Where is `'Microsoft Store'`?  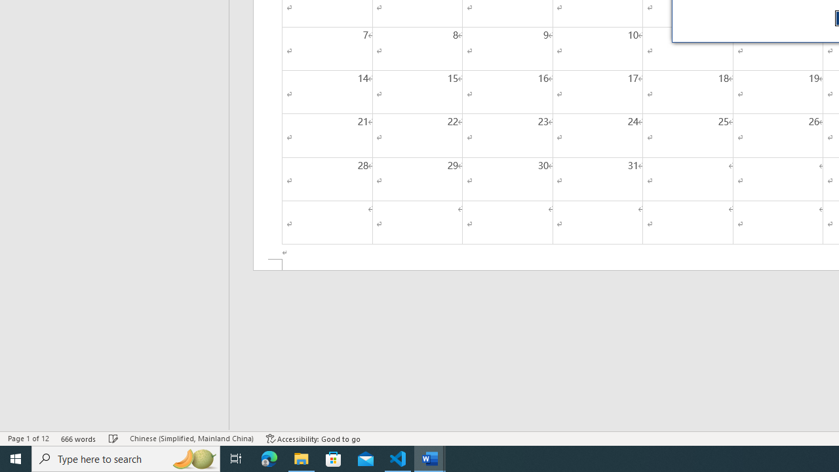 'Microsoft Store' is located at coordinates (334, 458).